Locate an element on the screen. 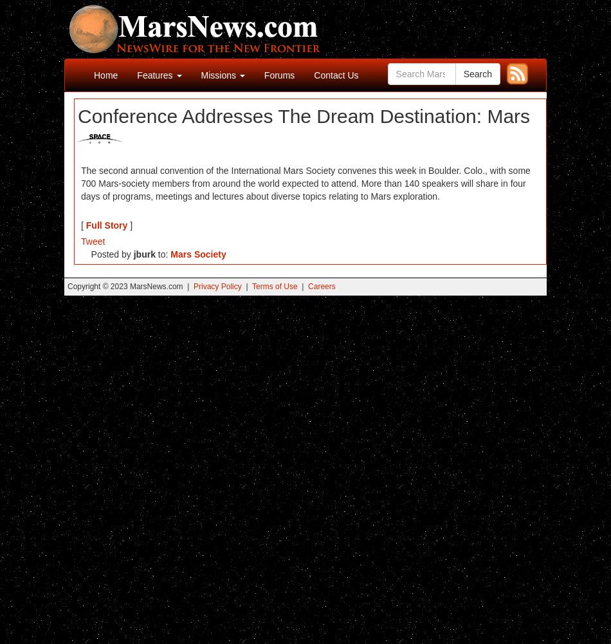 Image resolution: width=611 pixels, height=644 pixels. 'Posted by' is located at coordinates (107, 254).